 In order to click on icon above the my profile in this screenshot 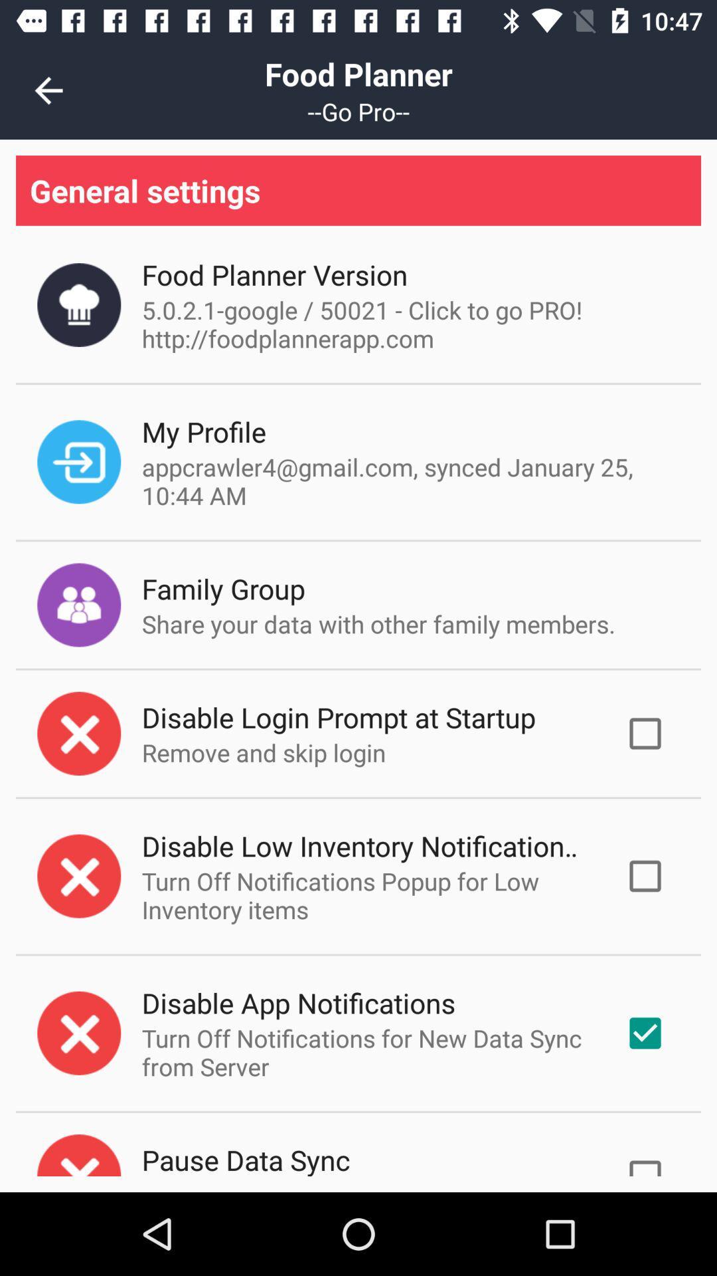, I will do `click(366, 324)`.